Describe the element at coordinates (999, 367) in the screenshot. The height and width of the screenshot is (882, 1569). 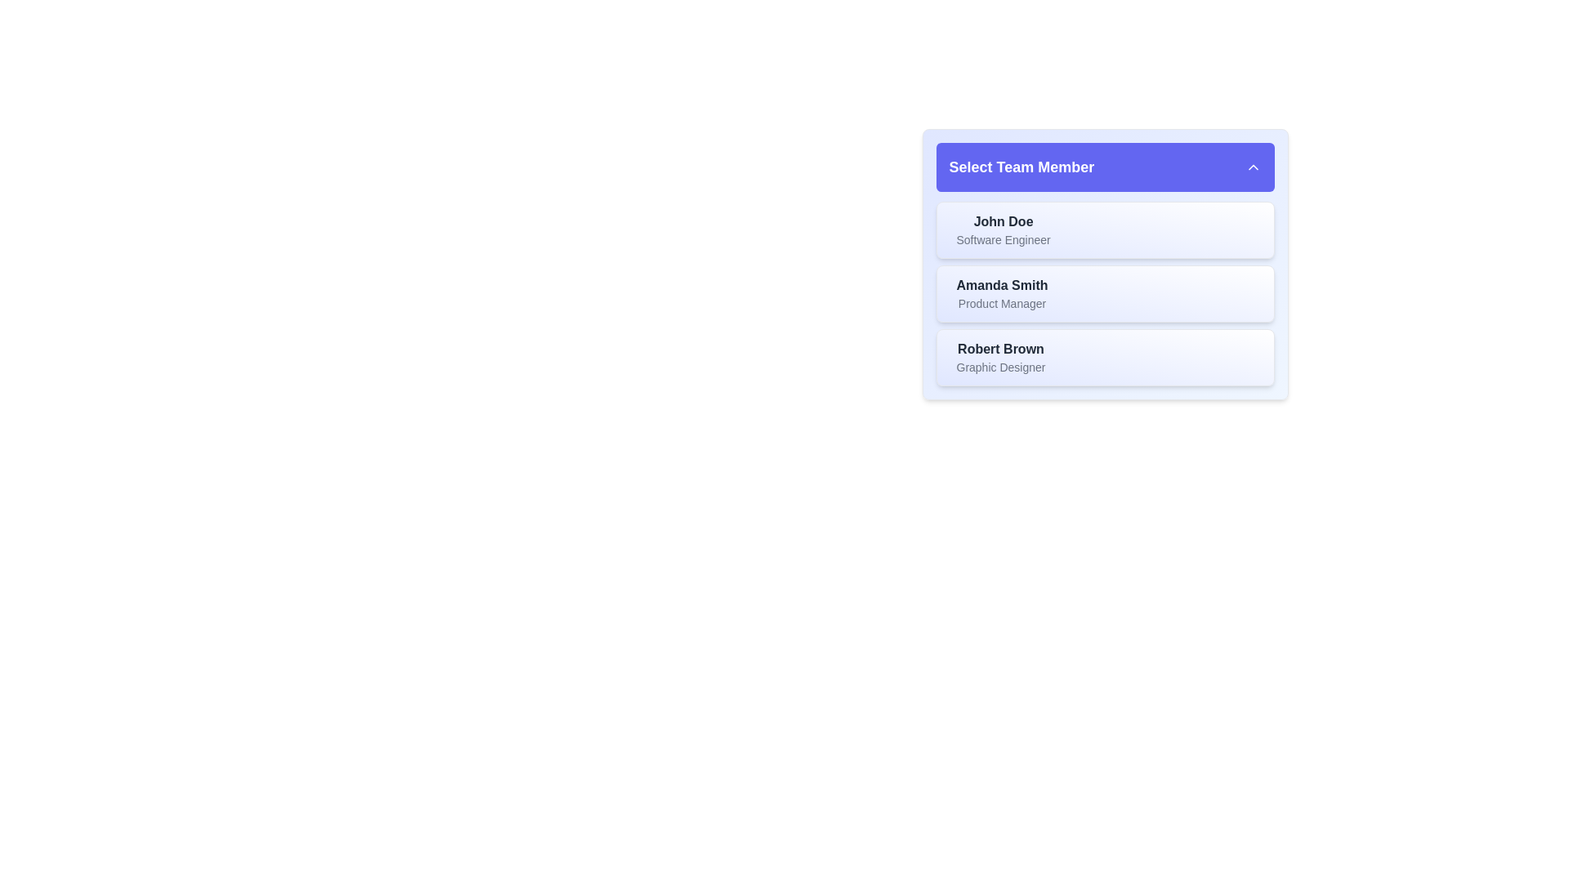
I see `text label indicating the role or occupation of Robert Brown, which is positioned underneath his name in the bottom section of the entry` at that location.